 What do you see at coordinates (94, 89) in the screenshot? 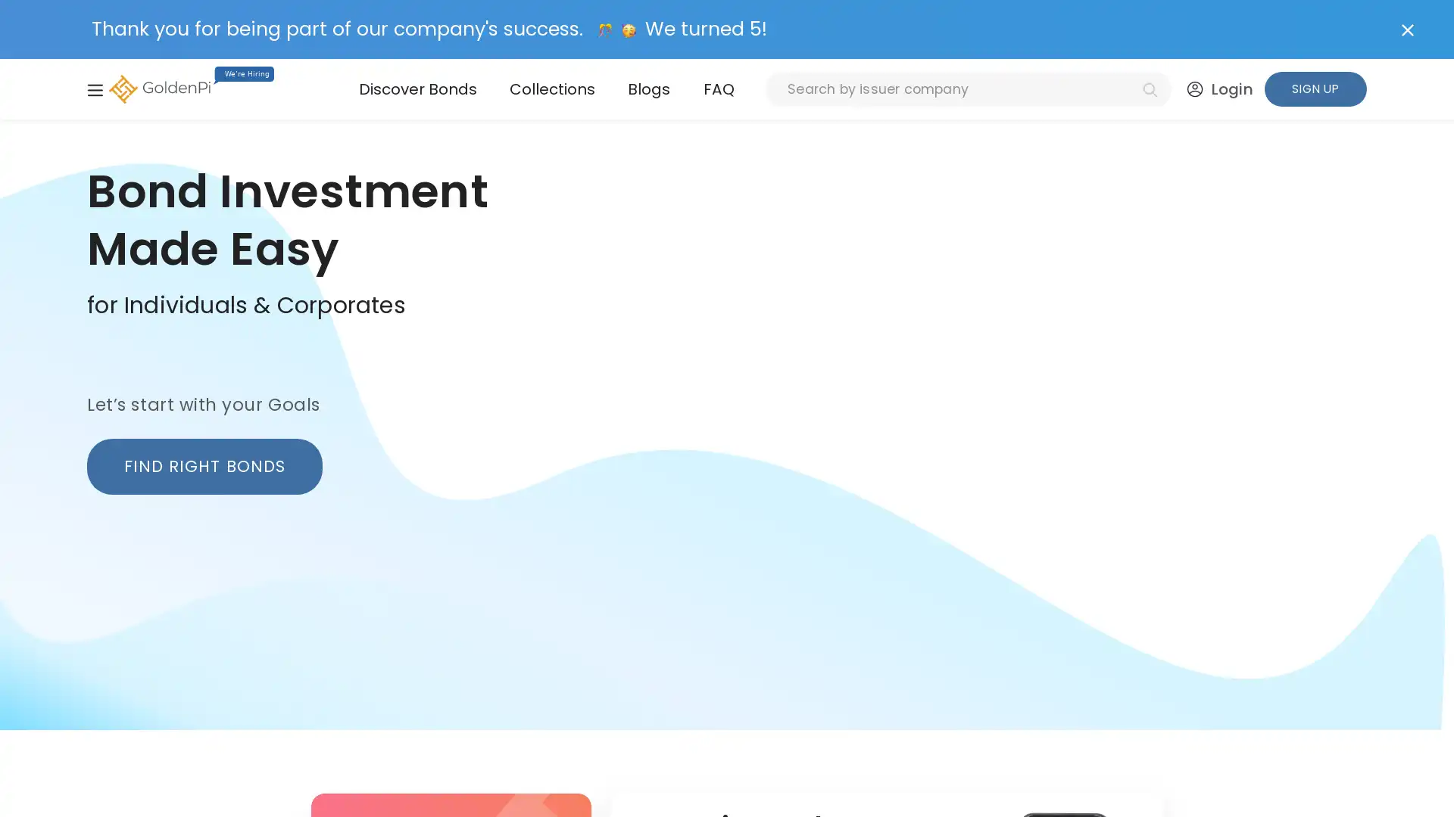
I see `open` at bounding box center [94, 89].